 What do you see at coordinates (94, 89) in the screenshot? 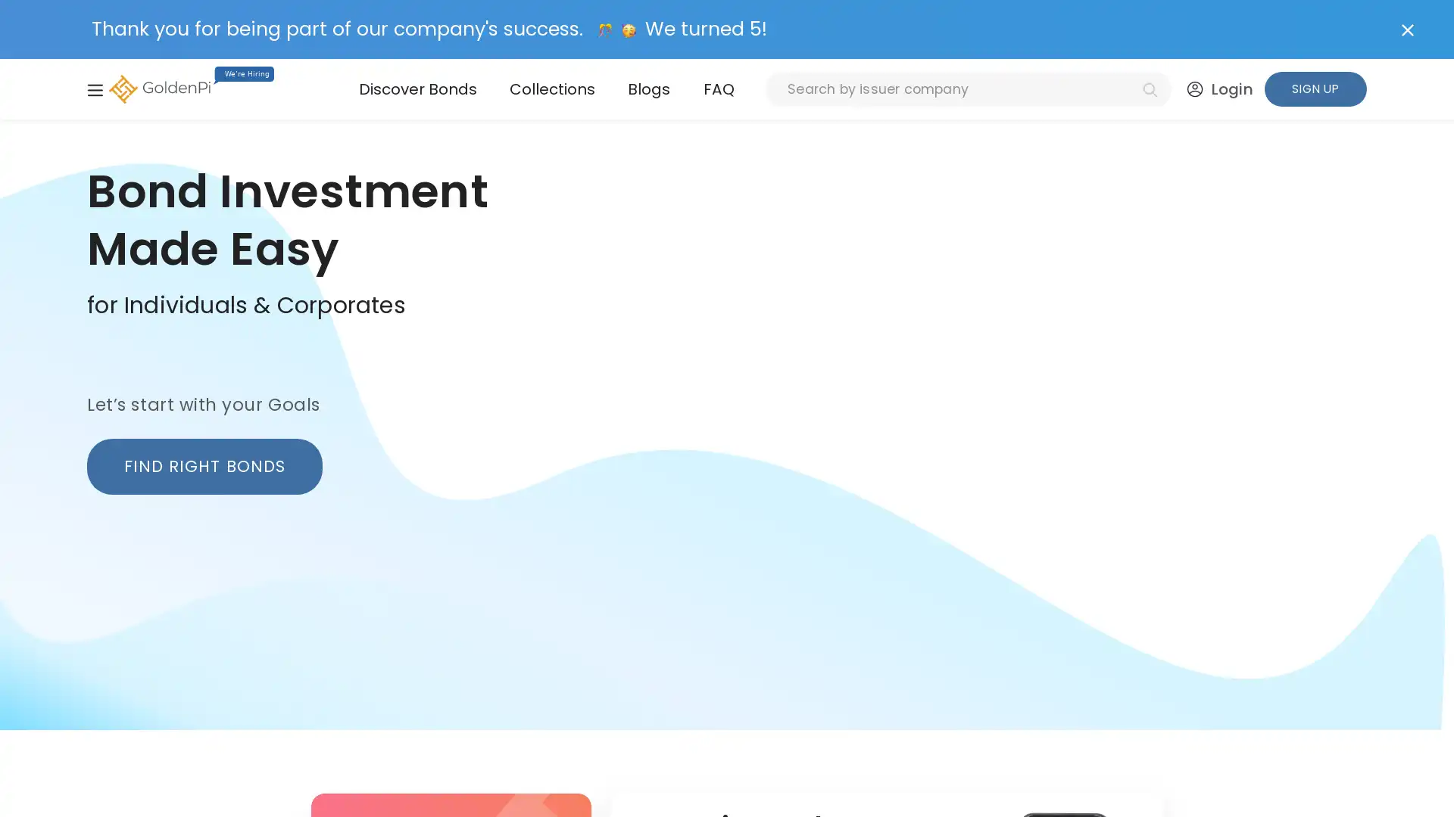
I see `open` at bounding box center [94, 89].